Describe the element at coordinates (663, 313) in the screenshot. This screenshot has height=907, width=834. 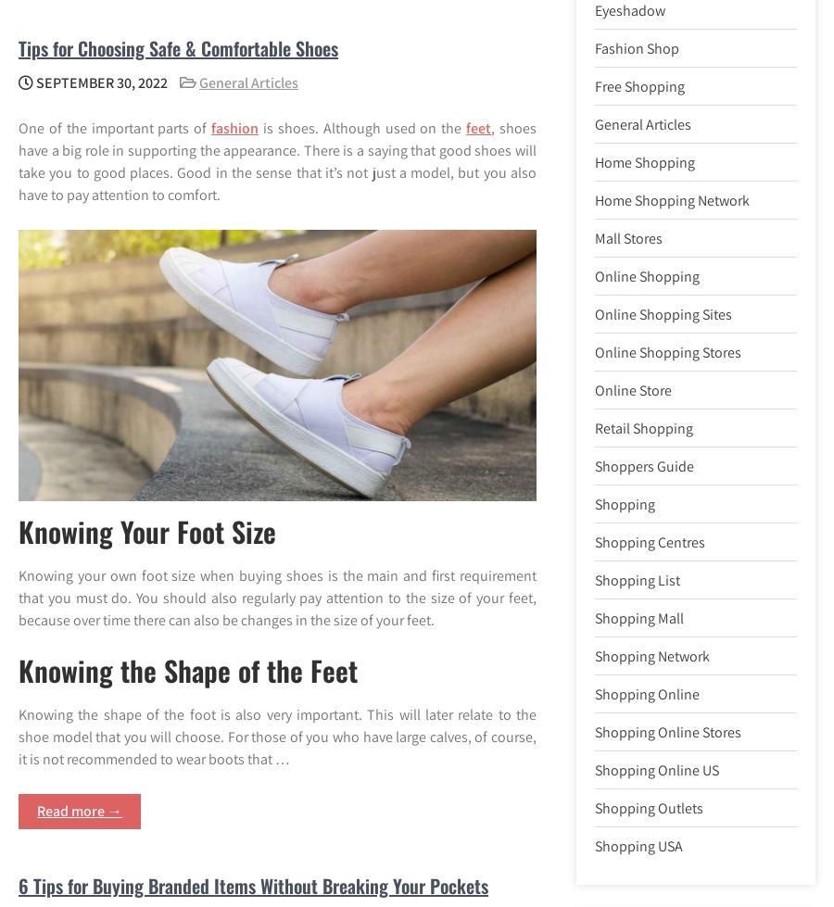
I see `'Online Shopping Sites'` at that location.